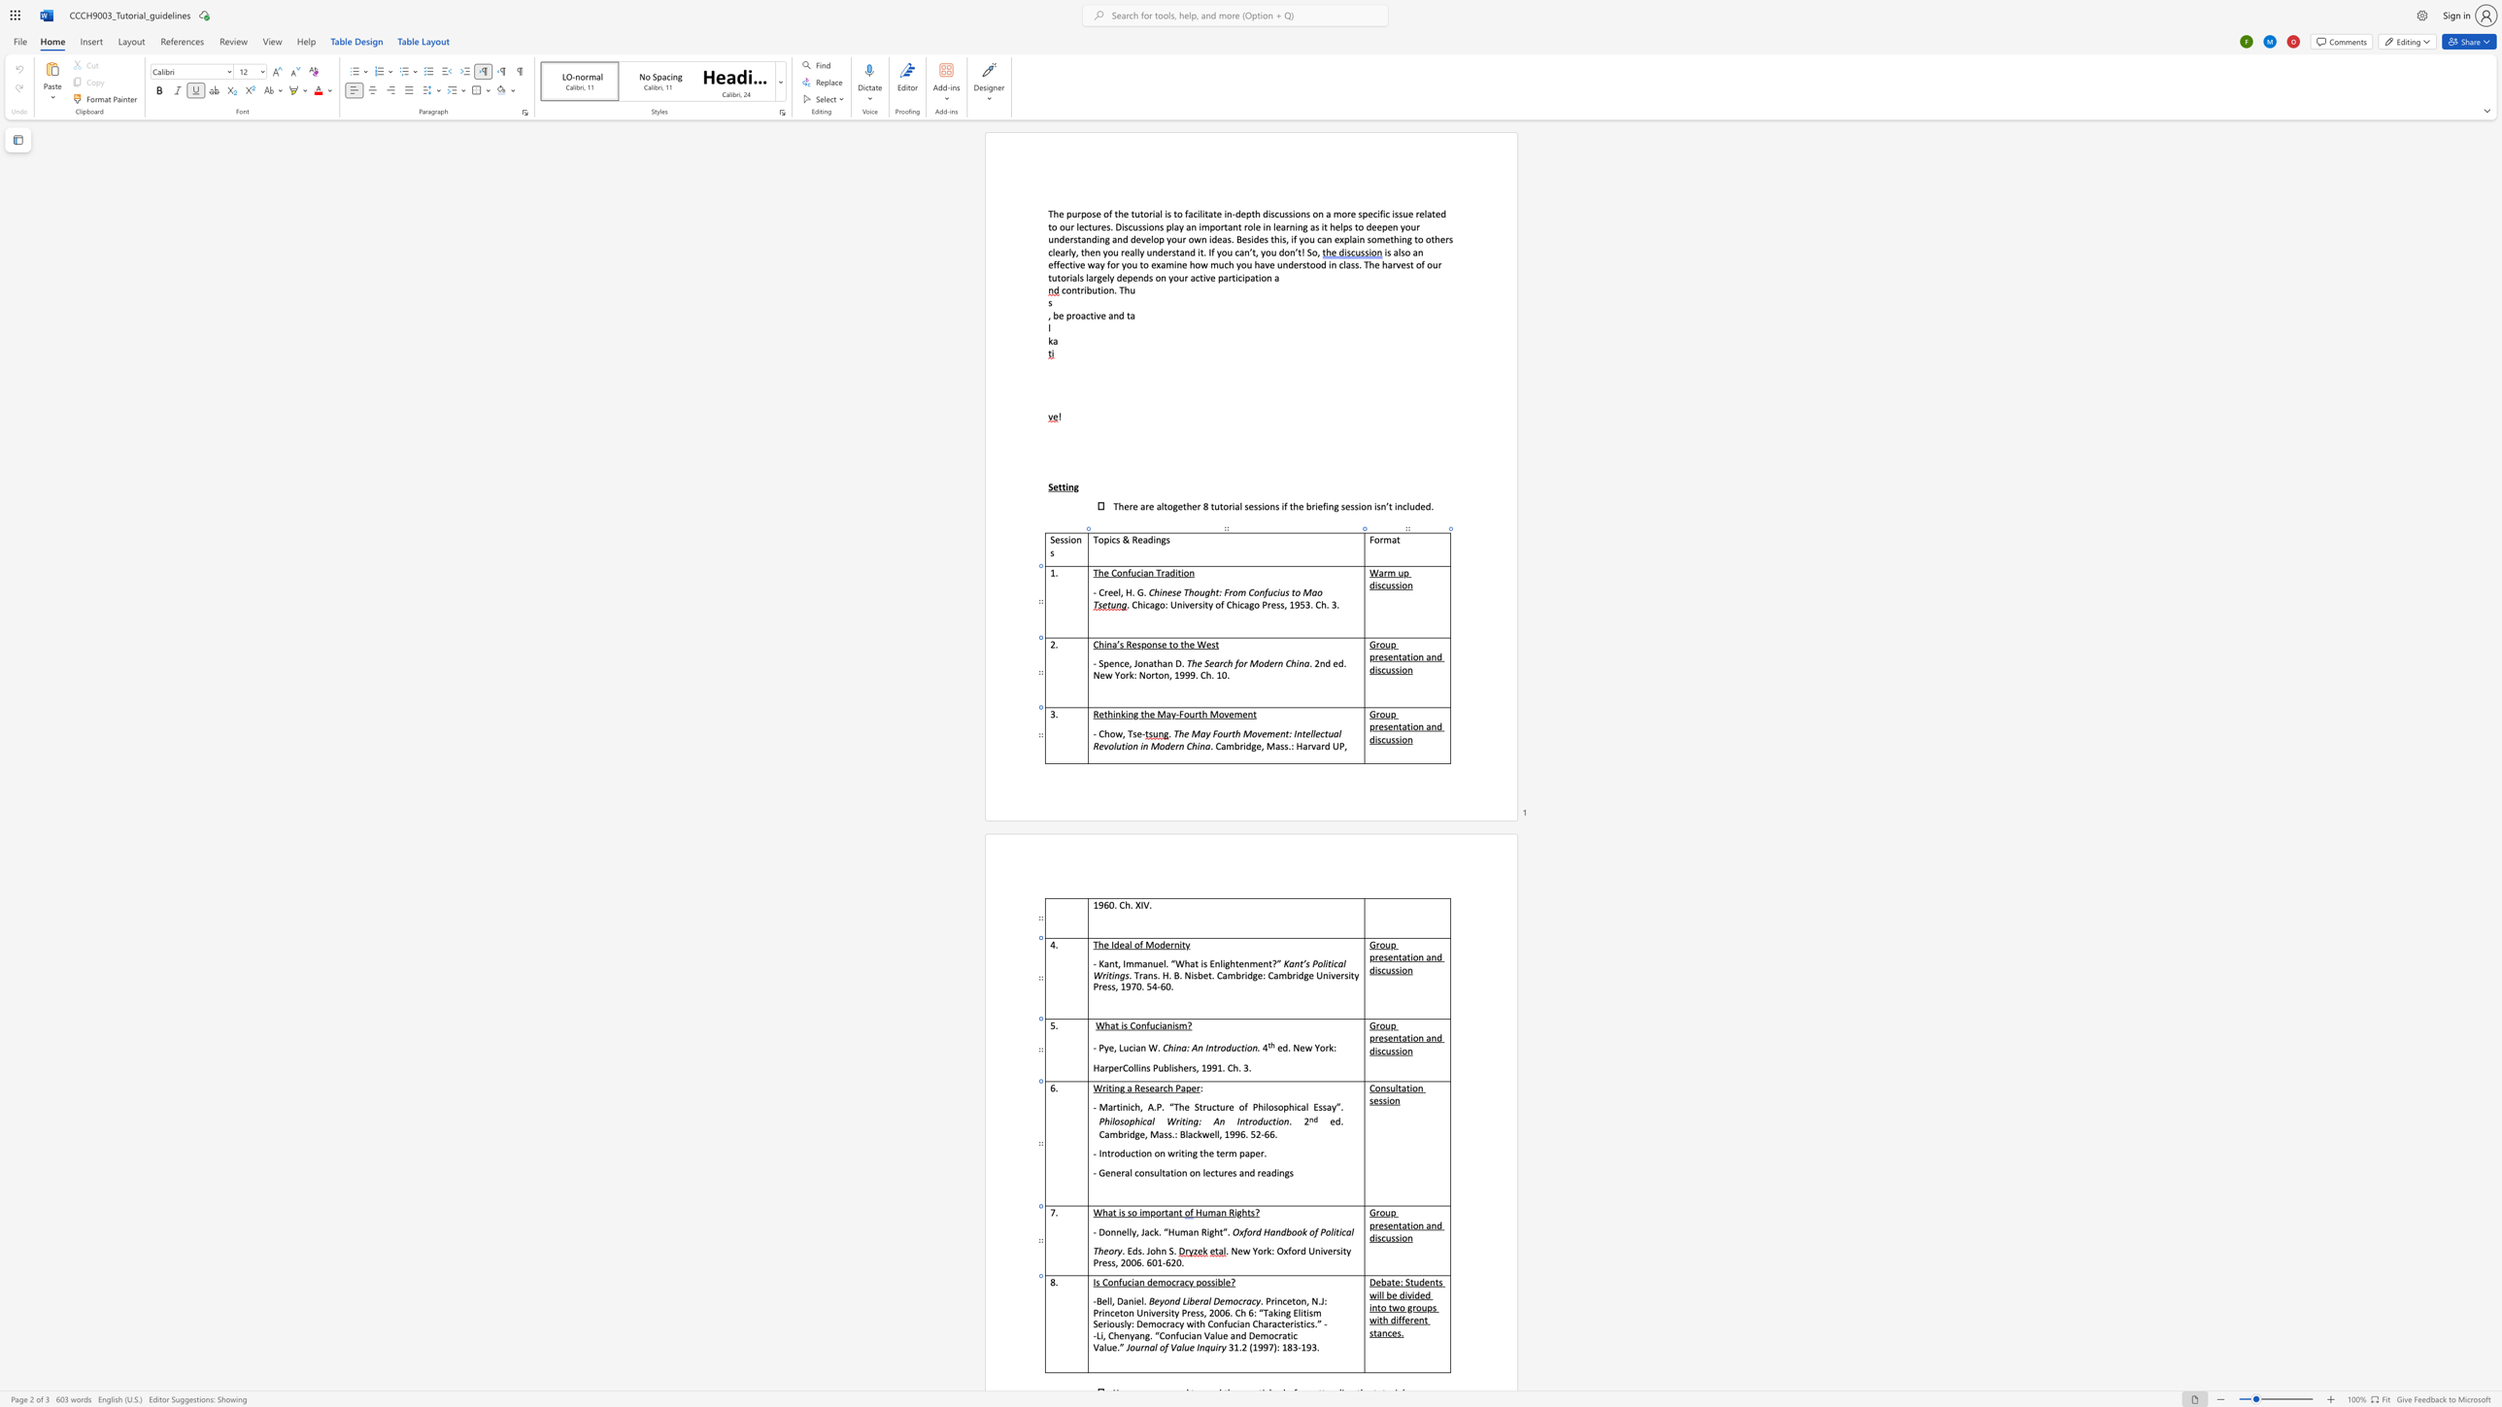 The image size is (2502, 1407). What do you see at coordinates (1234, 1231) in the screenshot?
I see `the 1th character "O" in the text` at bounding box center [1234, 1231].